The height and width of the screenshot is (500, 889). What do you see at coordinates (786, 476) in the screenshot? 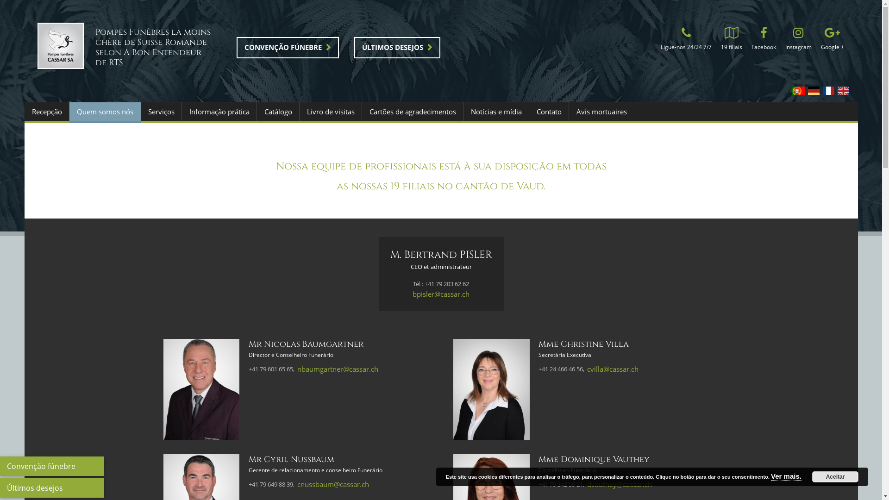
I see `'Ver mais.'` at bounding box center [786, 476].